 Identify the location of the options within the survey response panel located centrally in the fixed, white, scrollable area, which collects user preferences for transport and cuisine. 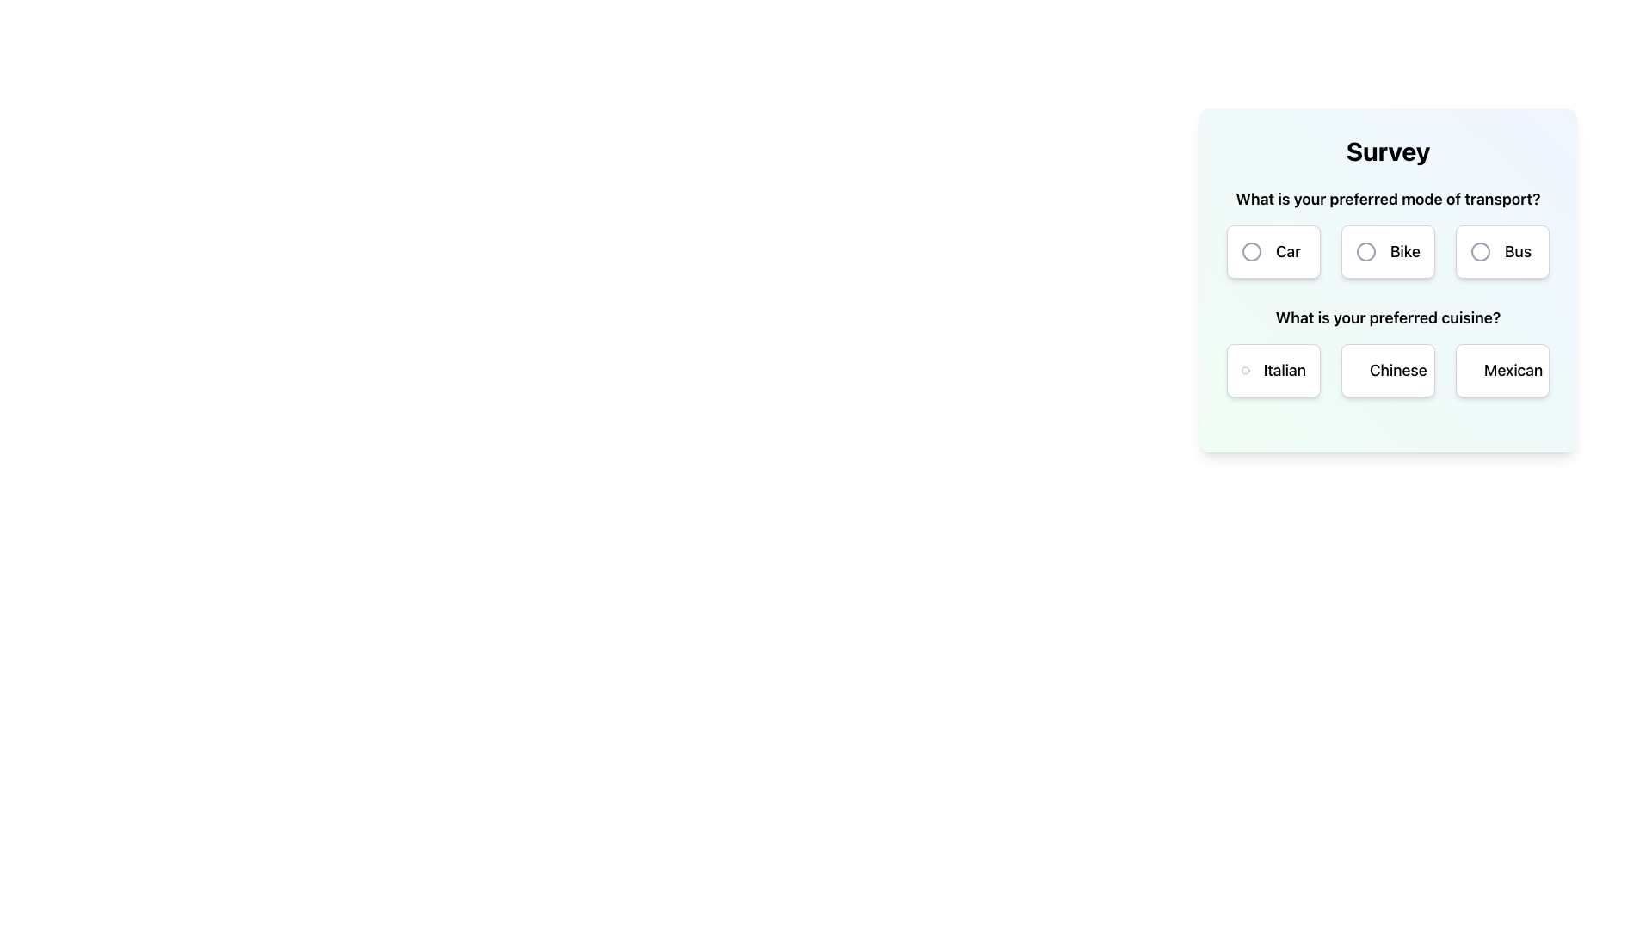
(1388, 280).